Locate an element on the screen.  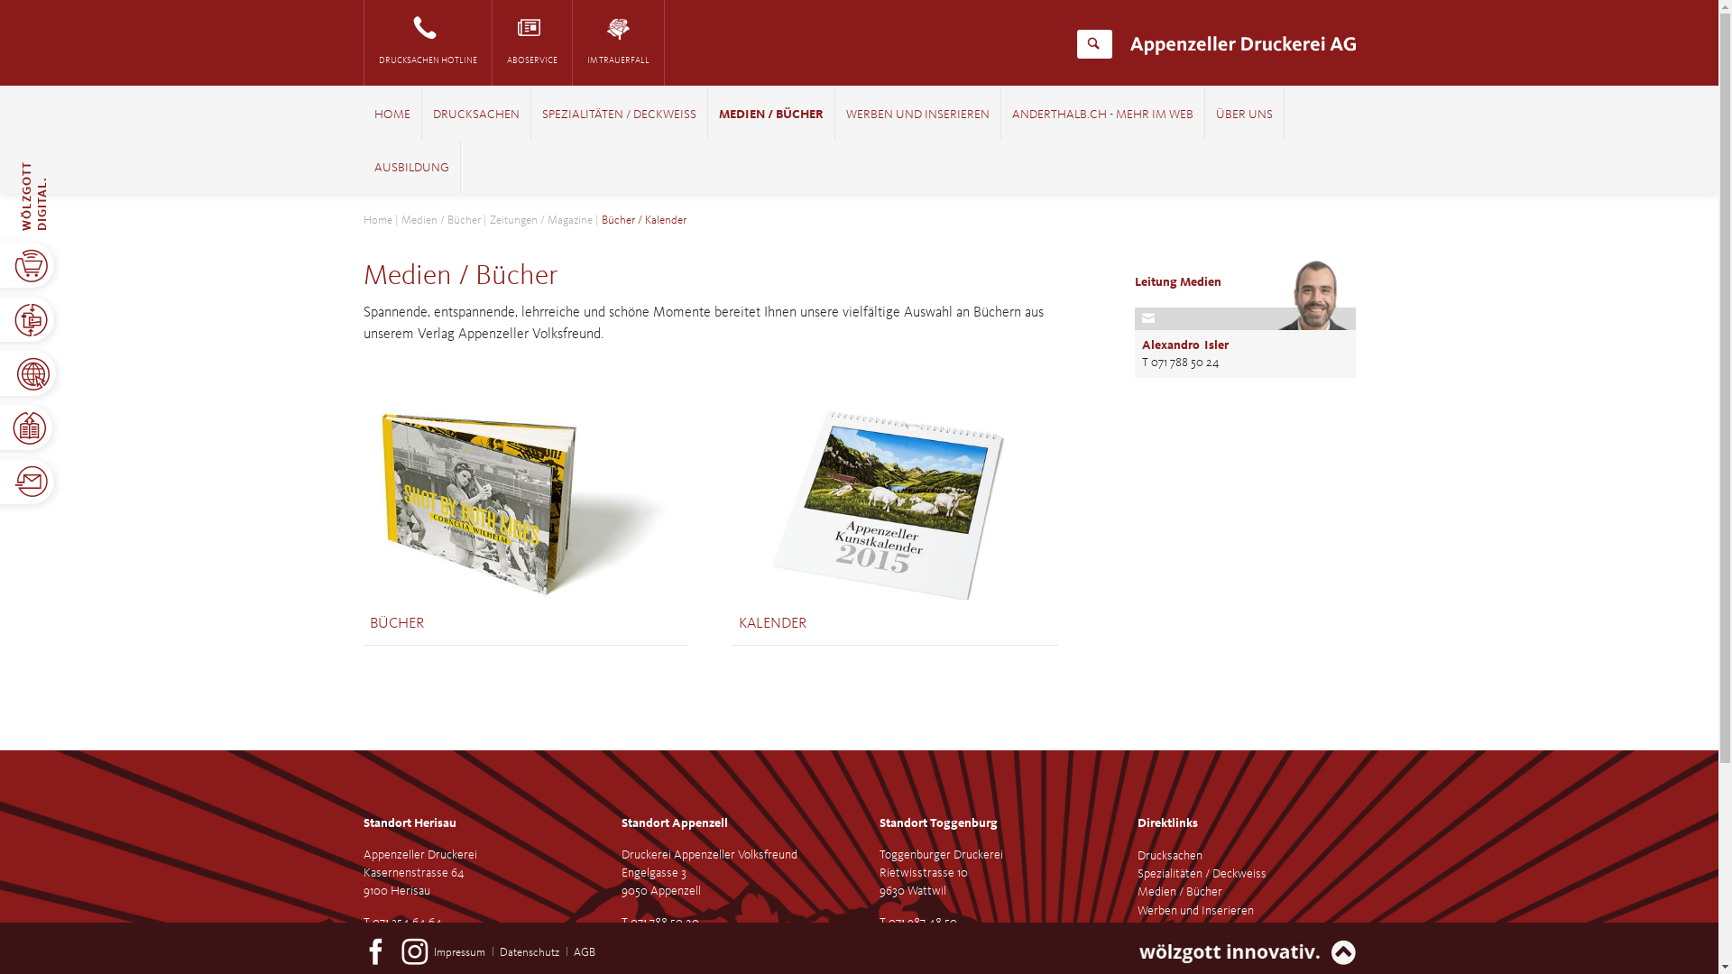
'Standort Appenzell' is located at coordinates (673, 823).